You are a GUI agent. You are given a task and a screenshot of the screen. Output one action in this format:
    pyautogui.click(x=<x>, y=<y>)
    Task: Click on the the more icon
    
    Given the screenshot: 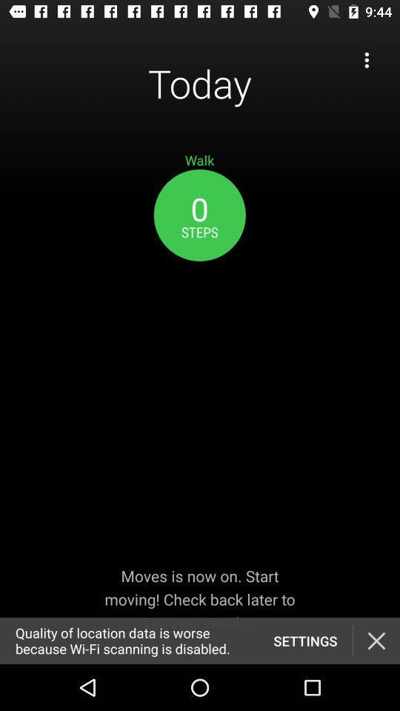 What is the action you would take?
    pyautogui.click(x=366, y=60)
    